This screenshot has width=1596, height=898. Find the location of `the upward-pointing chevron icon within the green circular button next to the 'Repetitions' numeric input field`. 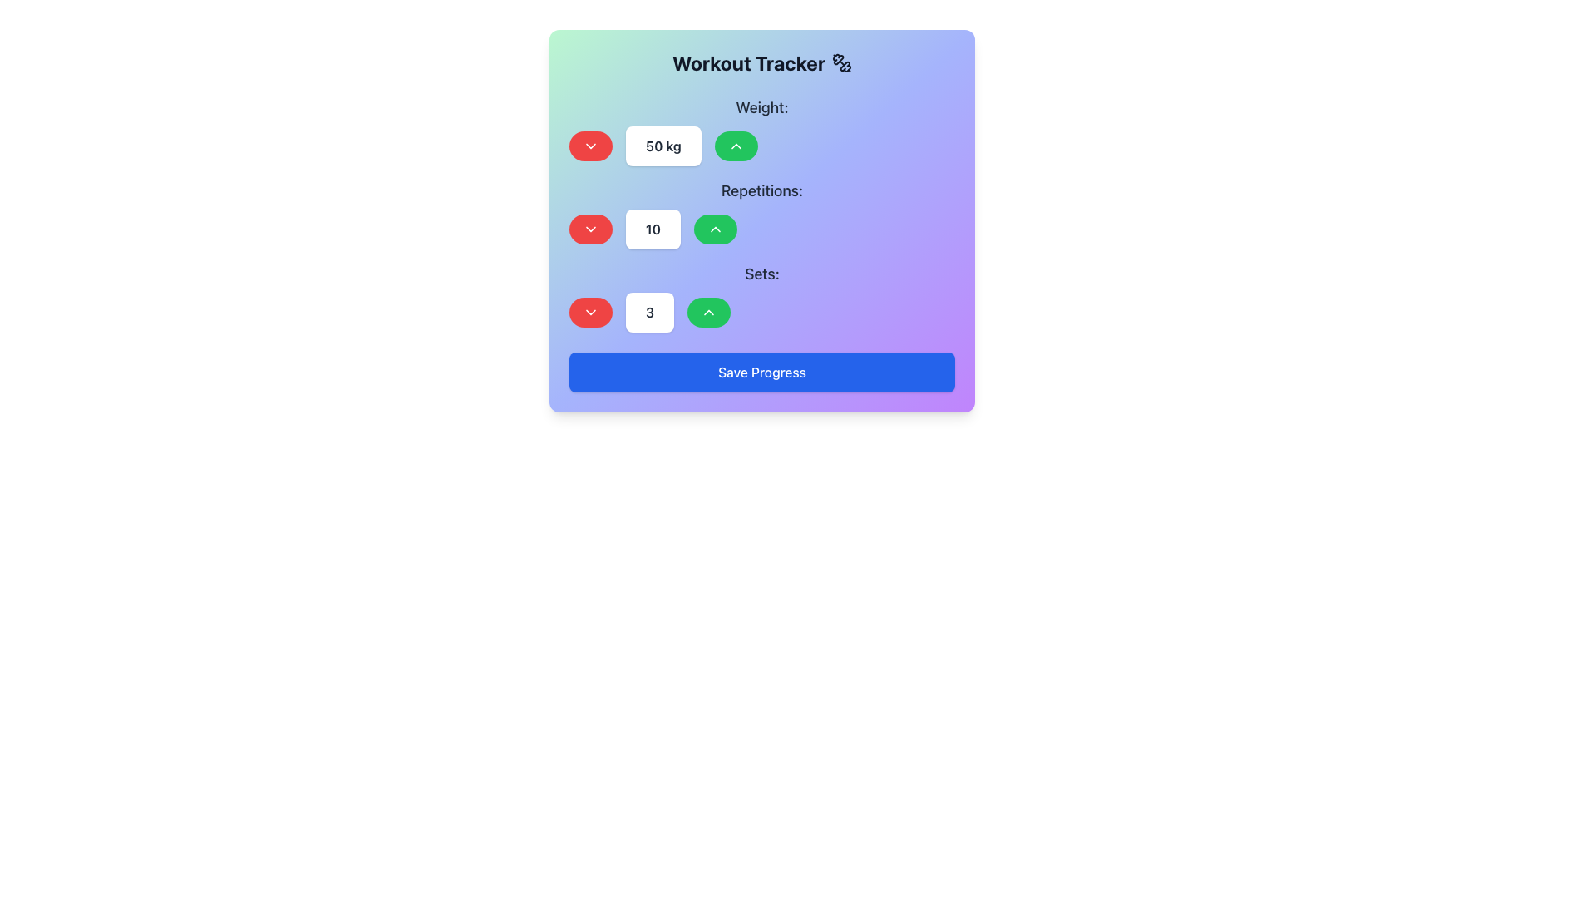

the upward-pointing chevron icon within the green circular button next to the 'Repetitions' numeric input field is located at coordinates (735, 146).